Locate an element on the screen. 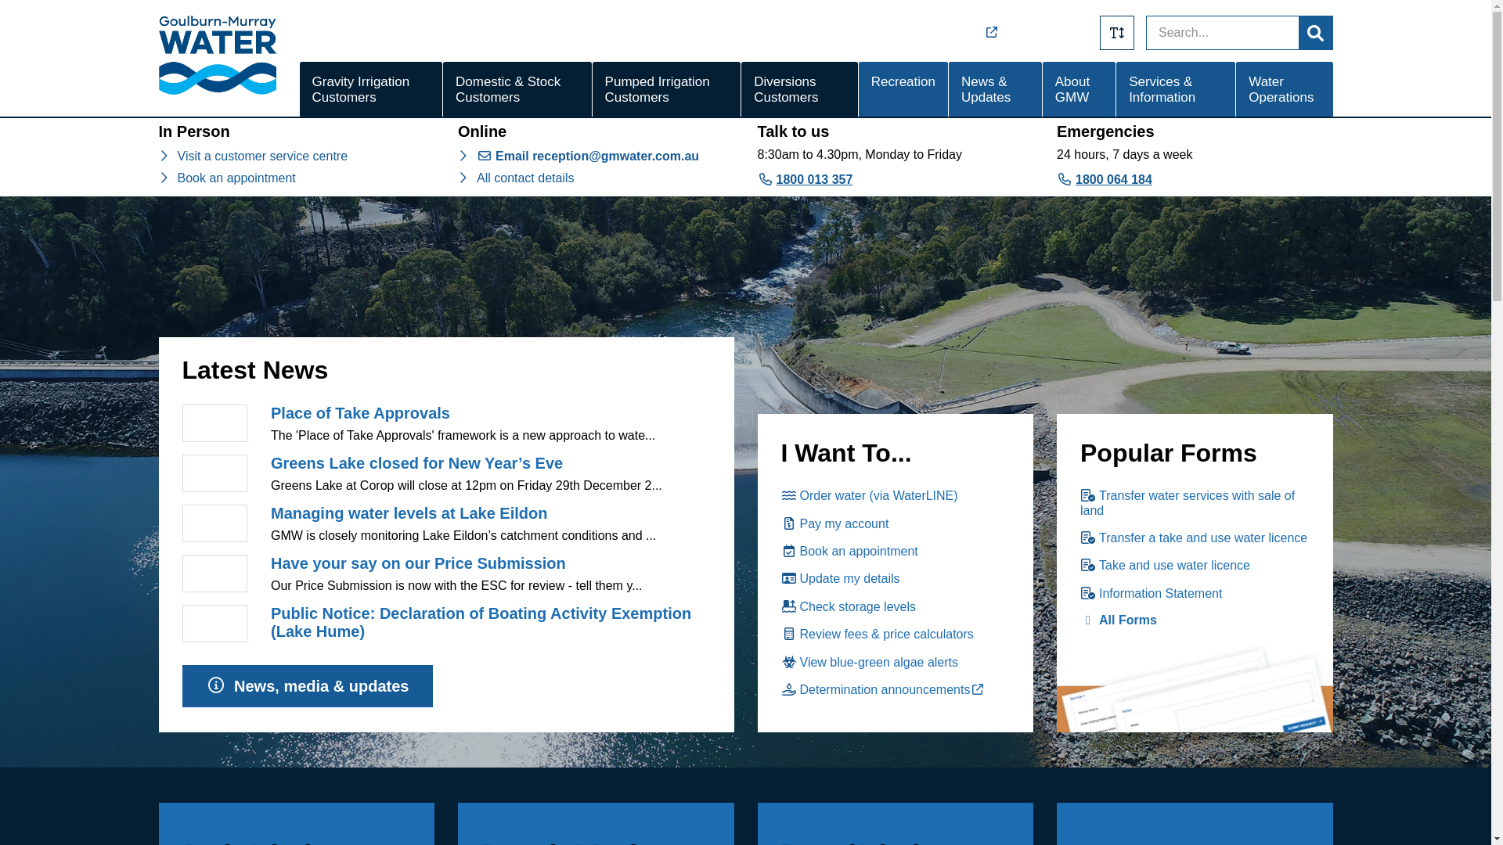  'Water Operations' is located at coordinates (1284, 90).